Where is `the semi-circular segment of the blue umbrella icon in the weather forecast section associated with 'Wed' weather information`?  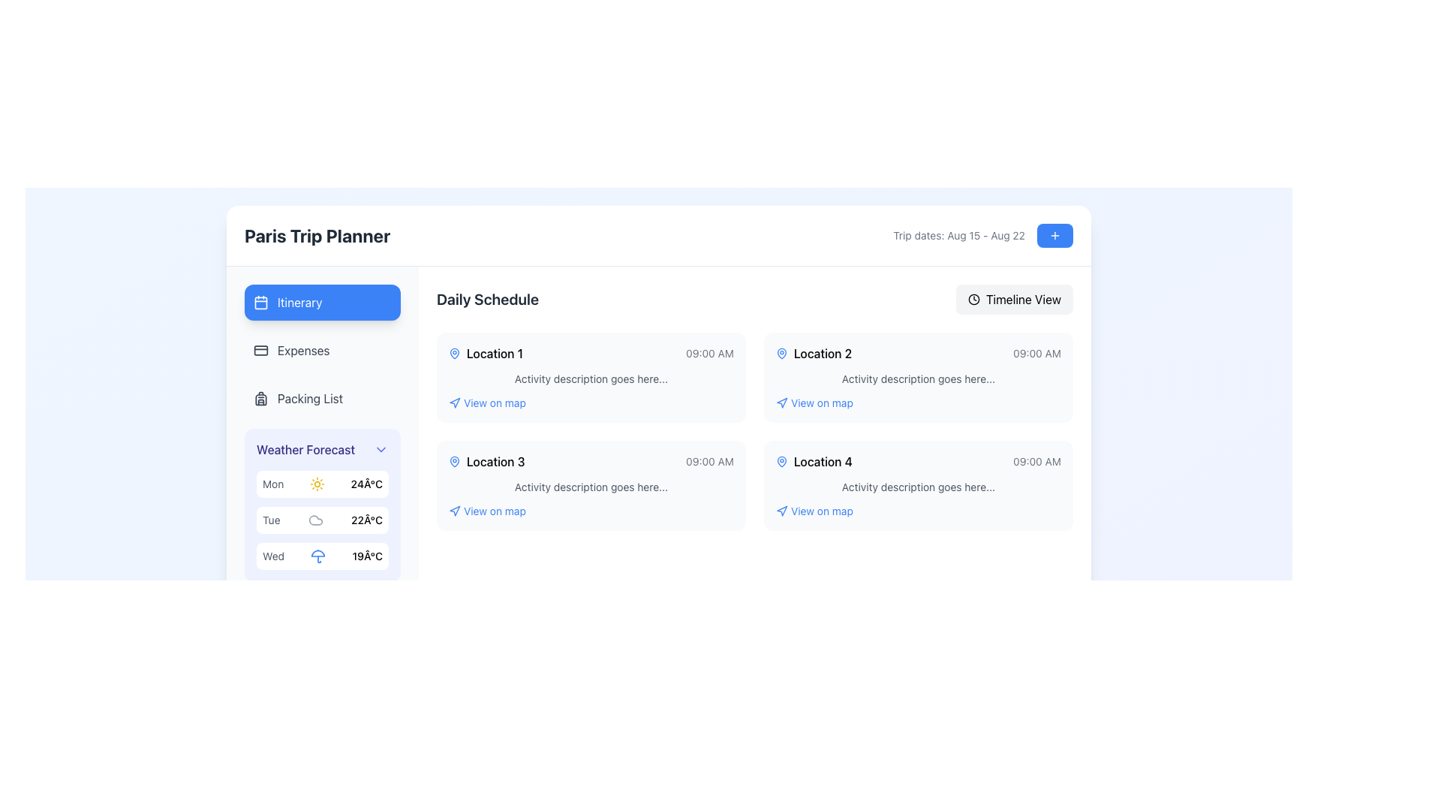
the semi-circular segment of the blue umbrella icon in the weather forecast section associated with 'Wed' weather information is located at coordinates (317, 553).